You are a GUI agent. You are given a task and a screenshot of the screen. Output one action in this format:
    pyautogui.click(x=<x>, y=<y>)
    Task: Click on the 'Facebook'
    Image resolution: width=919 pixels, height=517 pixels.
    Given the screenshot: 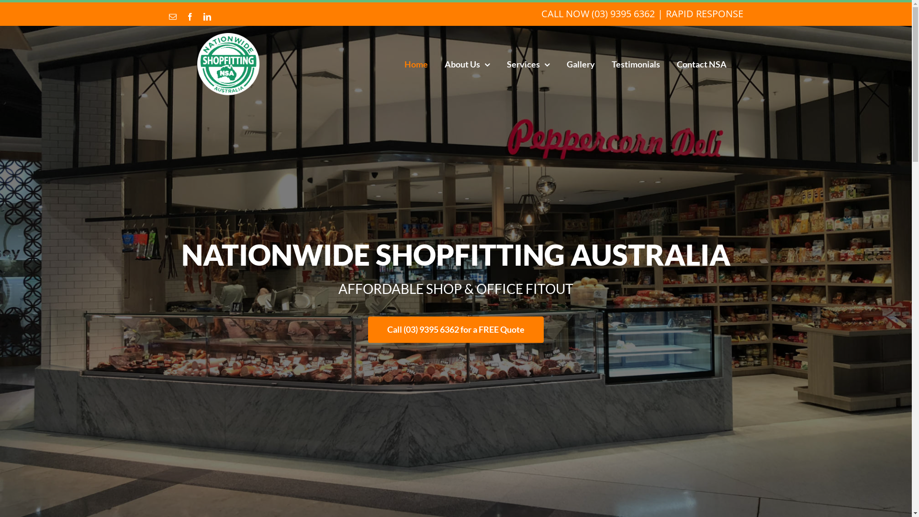 What is the action you would take?
    pyautogui.click(x=189, y=16)
    